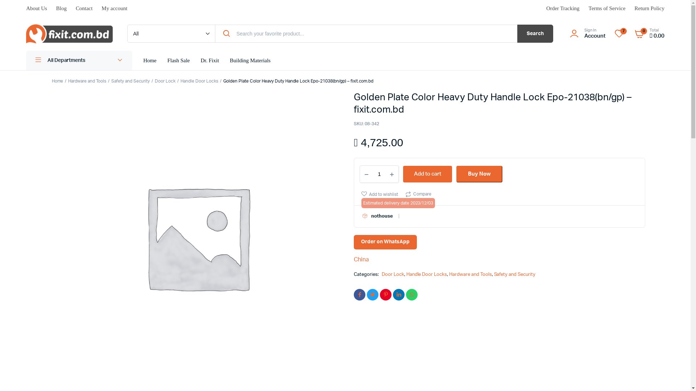  I want to click on 'Dr. Fixit', so click(209, 60).